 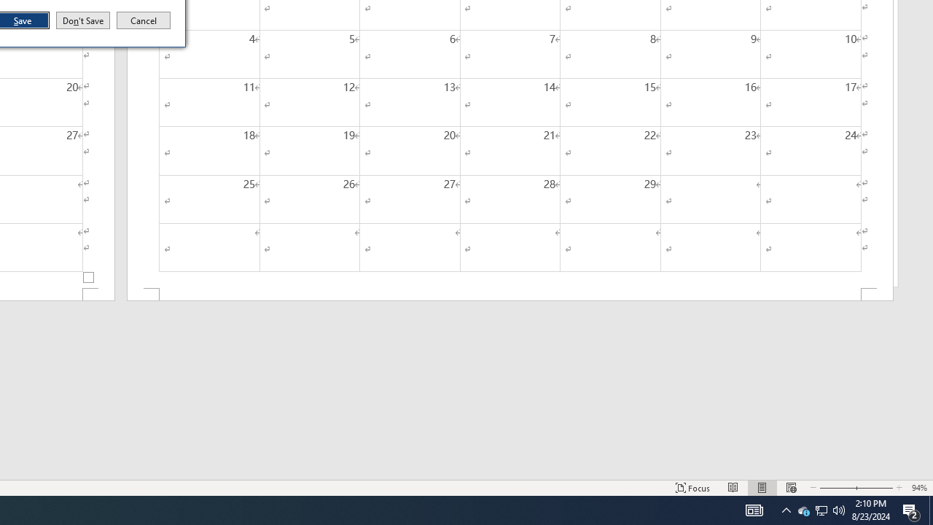 I want to click on 'Zoom Out', so click(x=836, y=488).